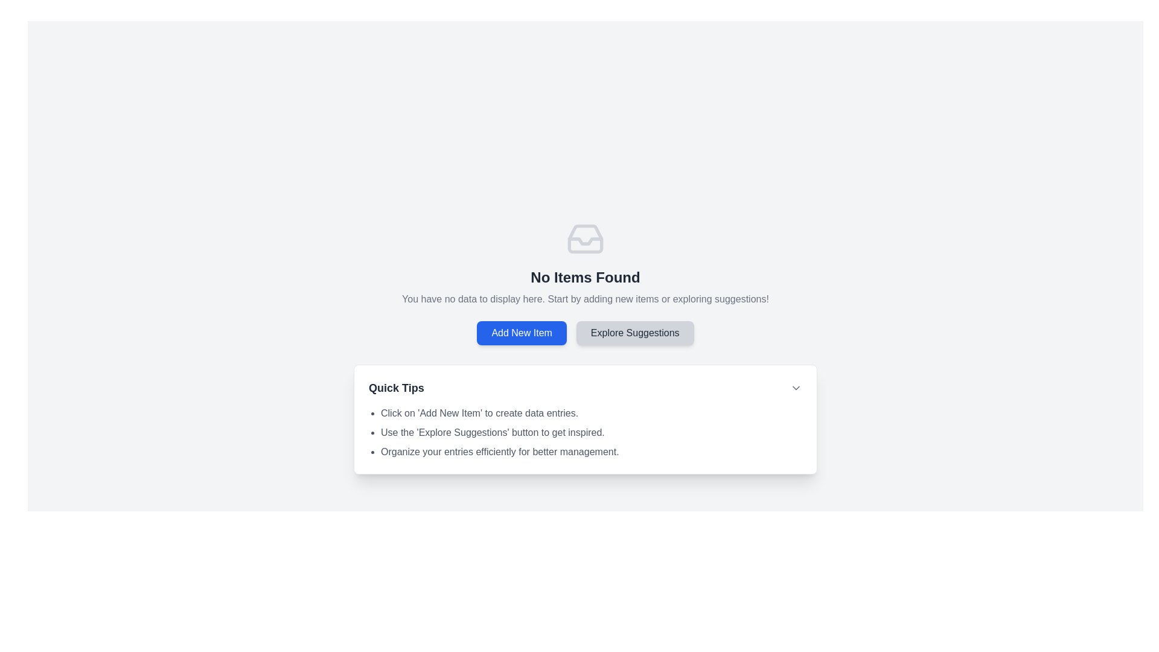  Describe the element at coordinates (585, 239) in the screenshot. I see `the decorative icon indicating an empty inbox, located at the center-top of the section displaying 'No Items Found'` at that location.